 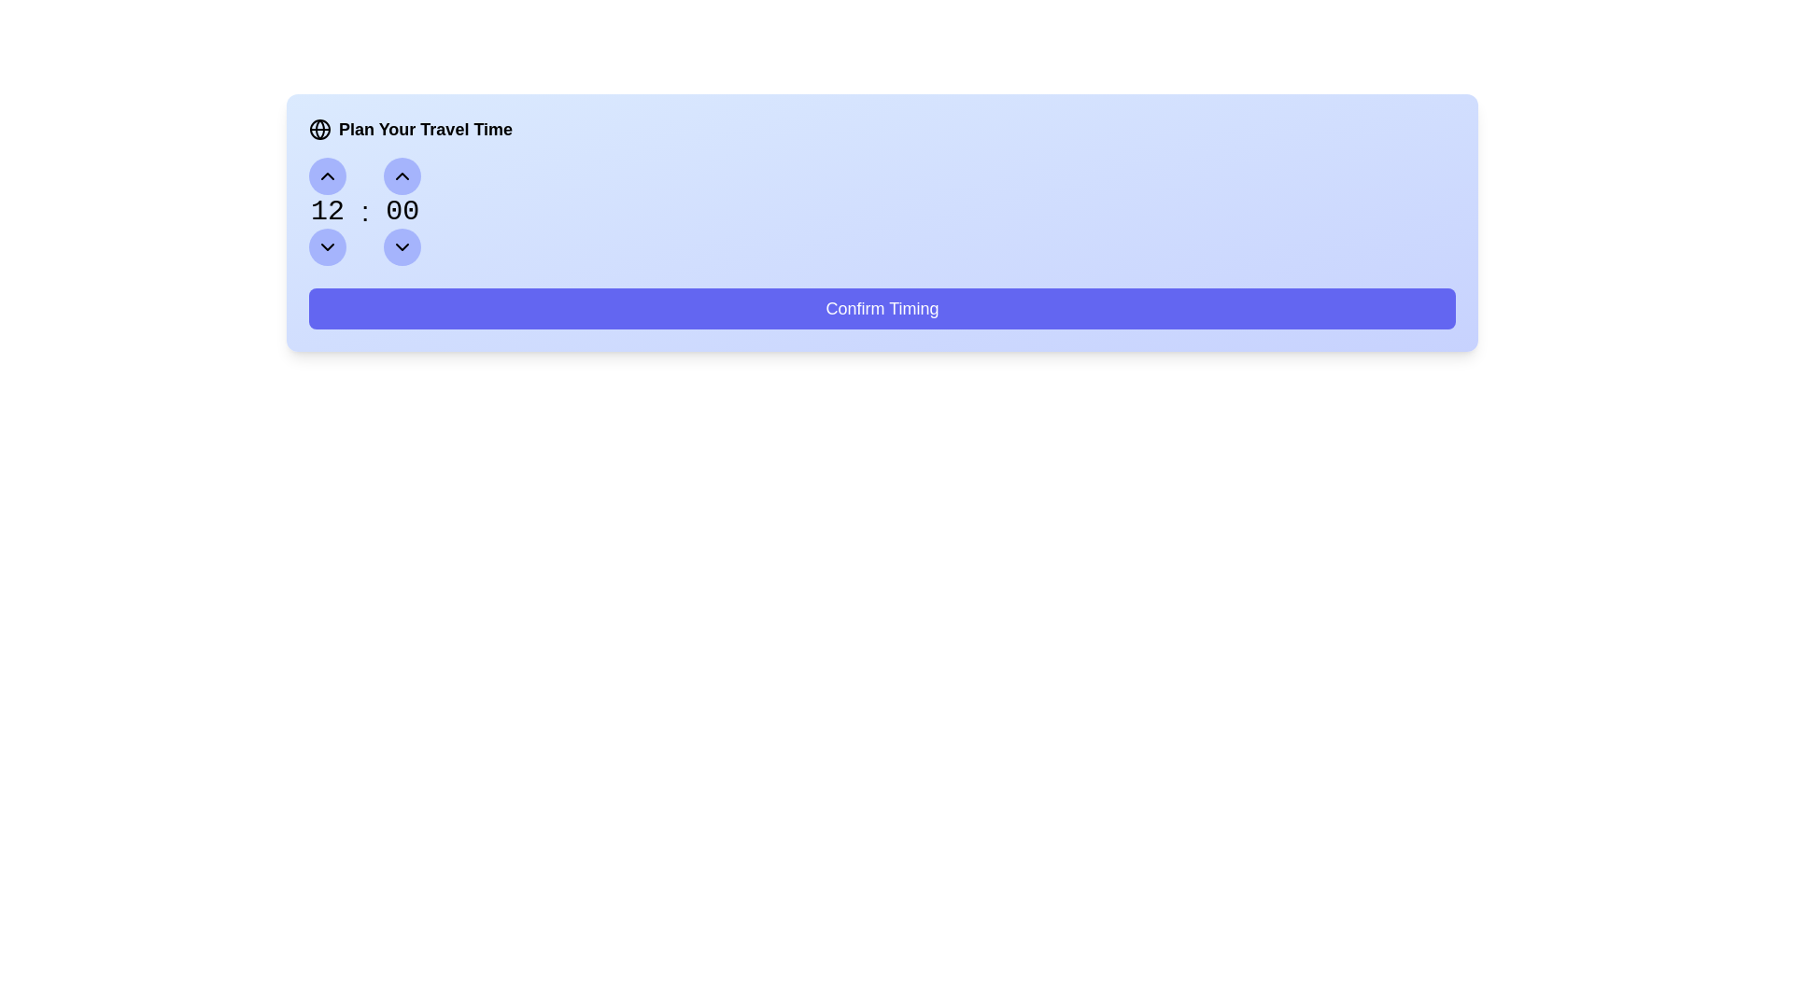 I want to click on the downward chevron SVG icon element located within the circular indigo button underneath the numeric hour control displaying '12', so click(x=327, y=246).